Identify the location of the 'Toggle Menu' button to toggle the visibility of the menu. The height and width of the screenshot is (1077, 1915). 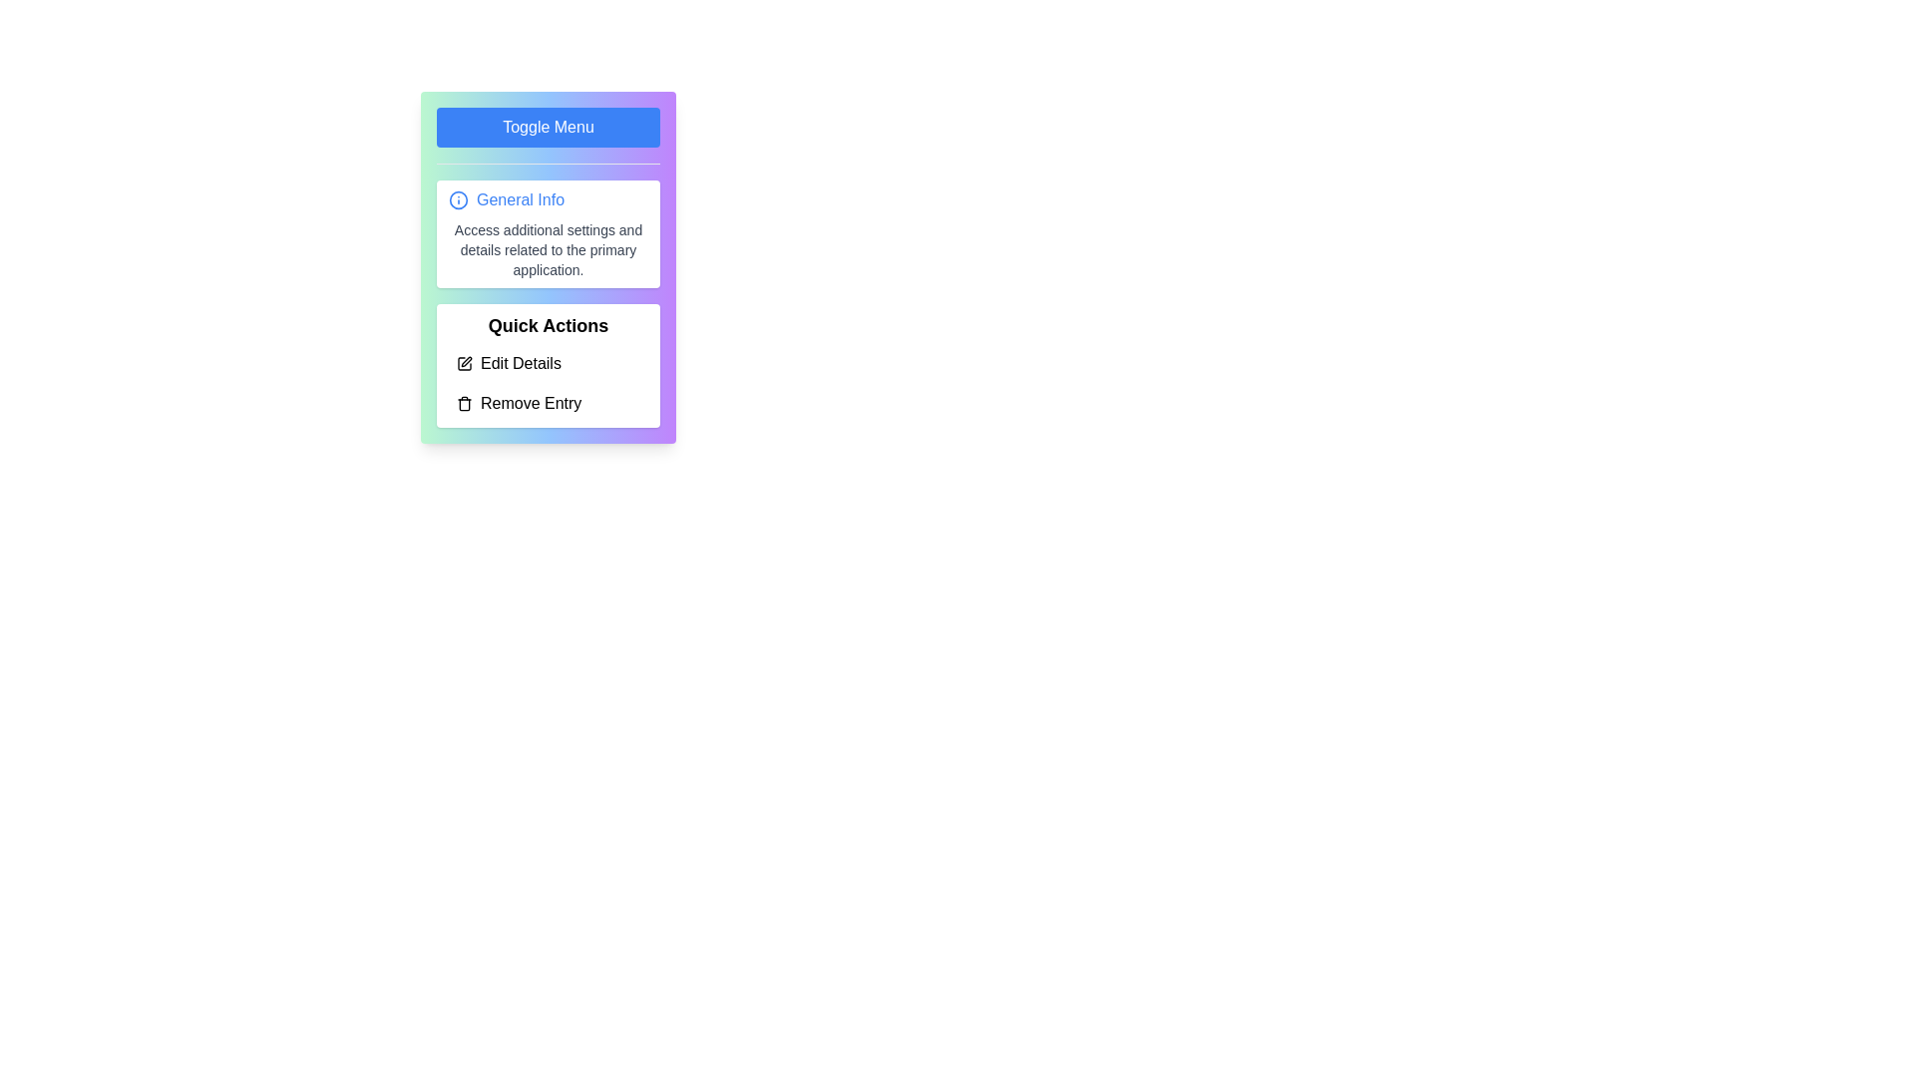
(549, 127).